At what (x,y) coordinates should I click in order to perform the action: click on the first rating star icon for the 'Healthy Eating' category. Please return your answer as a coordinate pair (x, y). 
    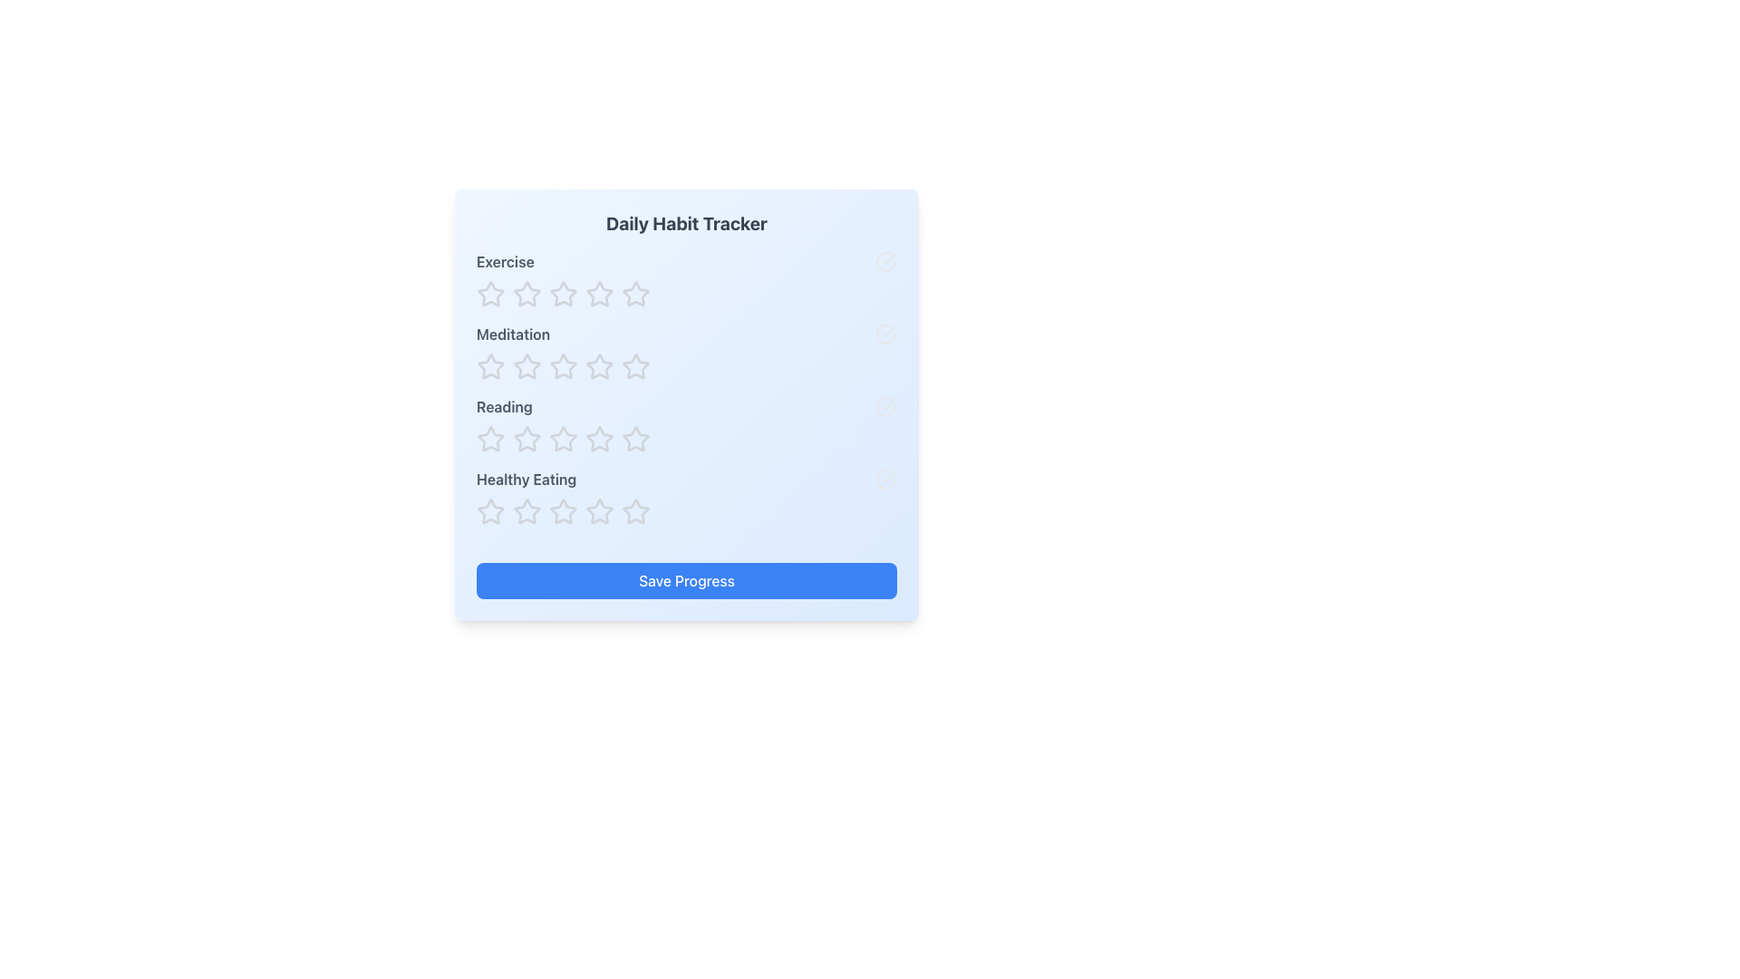
    Looking at the image, I should click on (526, 511).